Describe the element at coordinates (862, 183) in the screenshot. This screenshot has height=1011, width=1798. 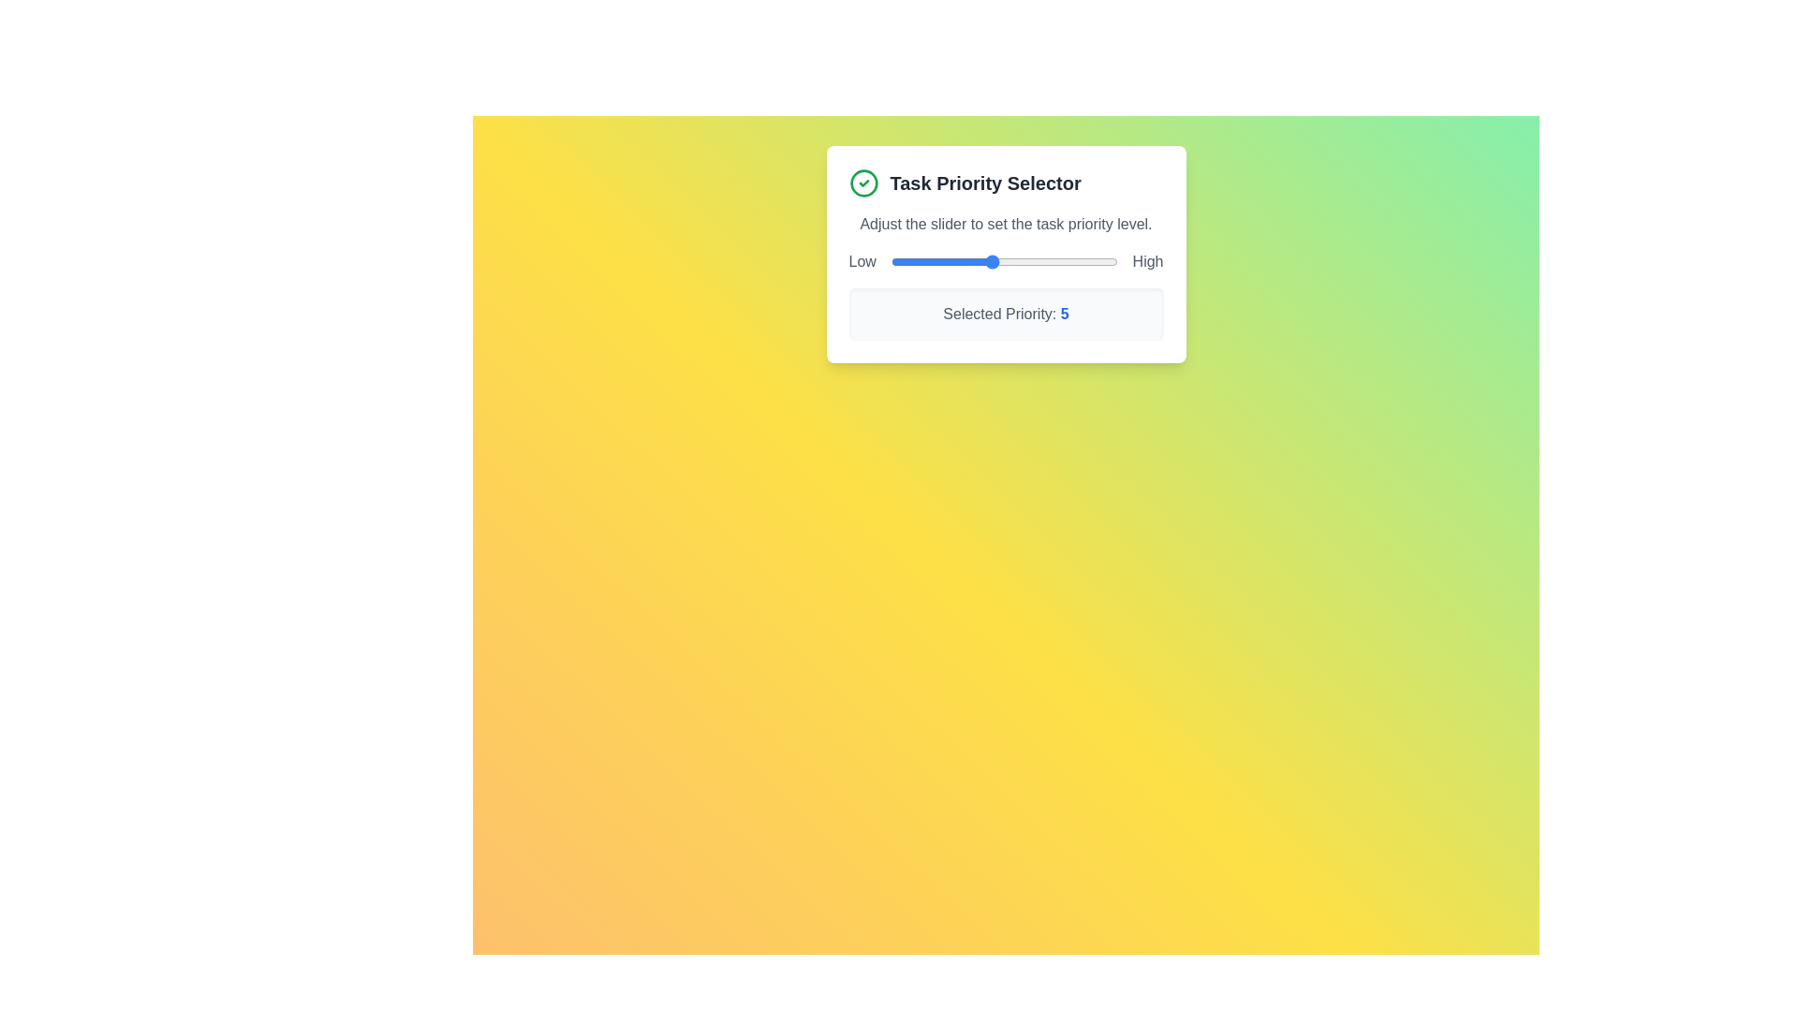
I see `the green checkmark icon in the header of the Task Priority Selector` at that location.